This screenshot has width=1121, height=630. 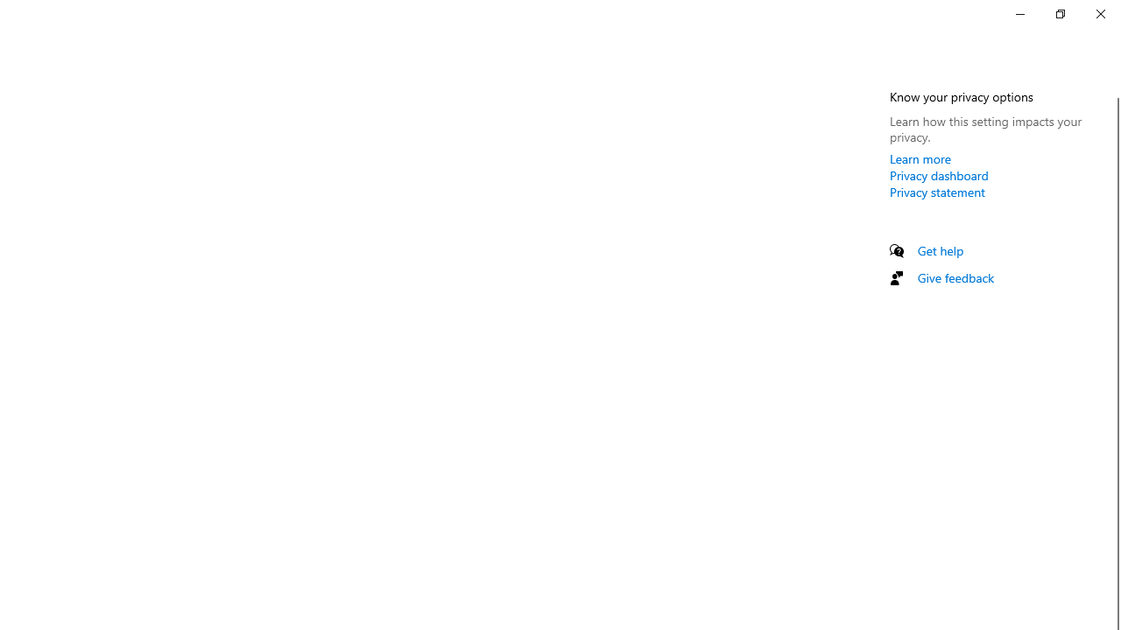 What do you see at coordinates (920, 158) in the screenshot?
I see `'Learn more'` at bounding box center [920, 158].